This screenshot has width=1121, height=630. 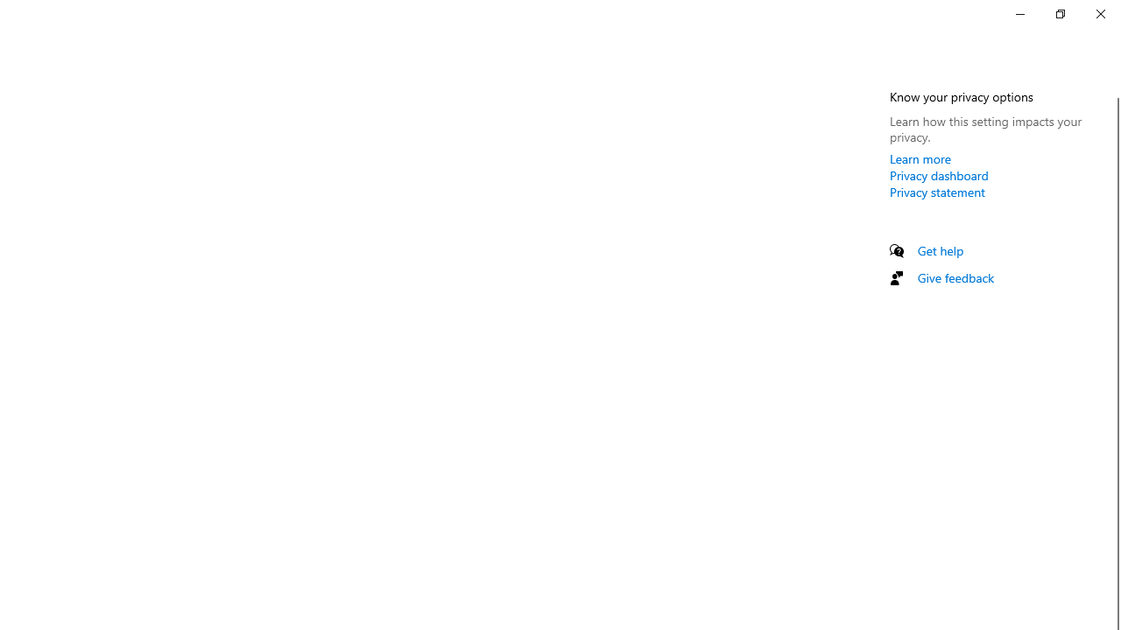 What do you see at coordinates (920, 158) in the screenshot?
I see `'Learn more'` at bounding box center [920, 158].